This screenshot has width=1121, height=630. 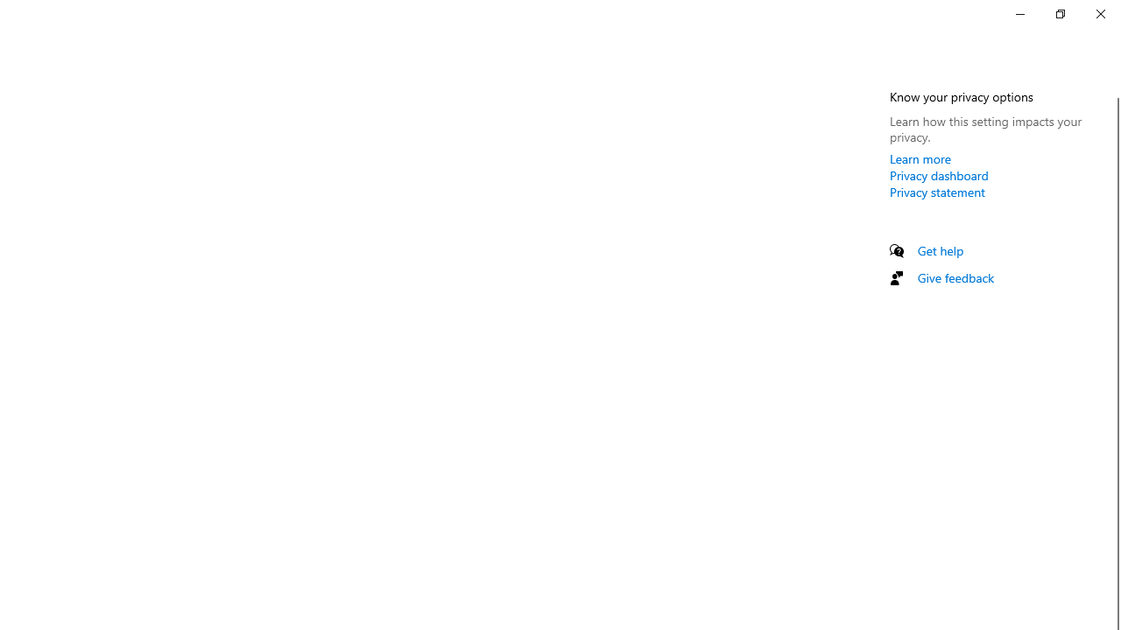 What do you see at coordinates (920, 158) in the screenshot?
I see `'Learn more'` at bounding box center [920, 158].